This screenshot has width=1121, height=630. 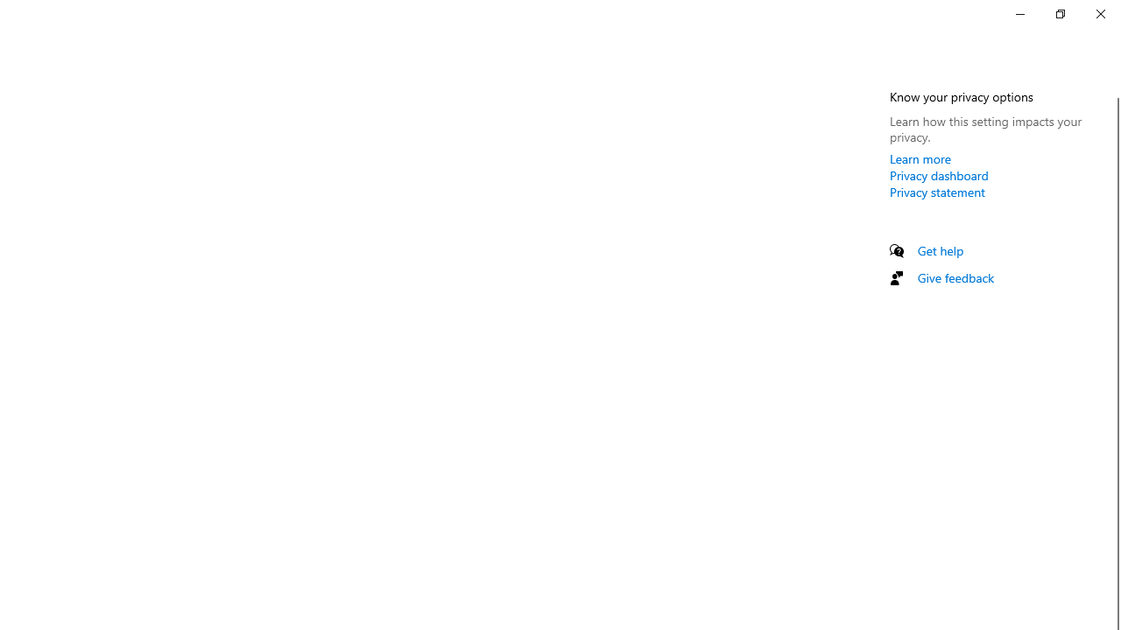 What do you see at coordinates (920, 158) in the screenshot?
I see `'Learn more'` at bounding box center [920, 158].